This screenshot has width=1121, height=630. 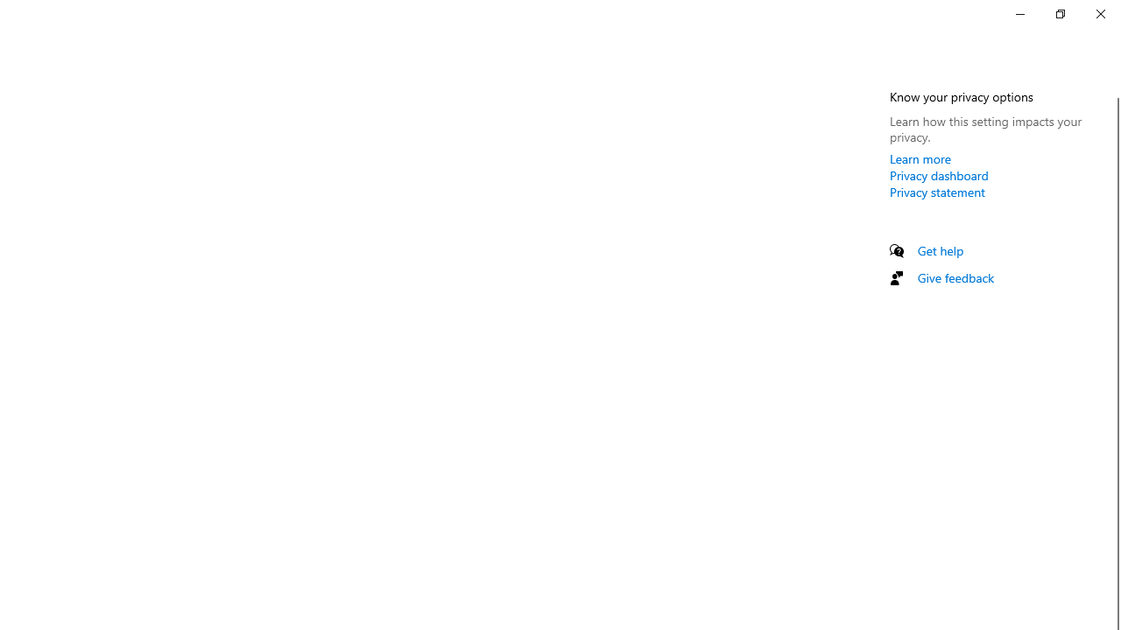 What do you see at coordinates (920, 158) in the screenshot?
I see `'Learn more'` at bounding box center [920, 158].